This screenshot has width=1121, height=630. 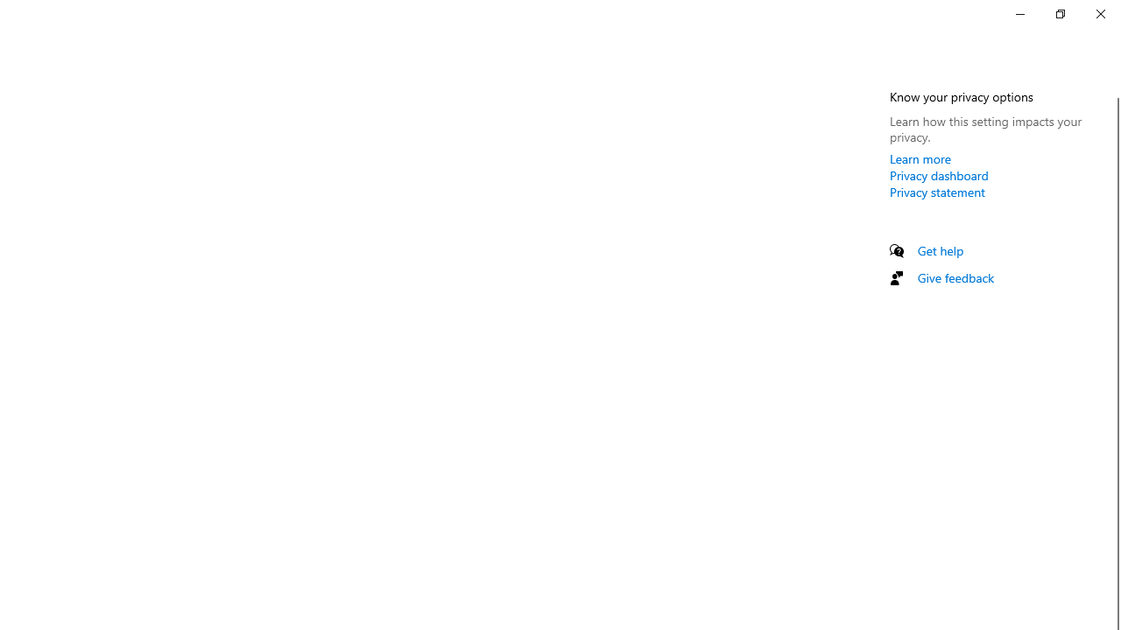 What do you see at coordinates (920, 158) in the screenshot?
I see `'Learn more'` at bounding box center [920, 158].